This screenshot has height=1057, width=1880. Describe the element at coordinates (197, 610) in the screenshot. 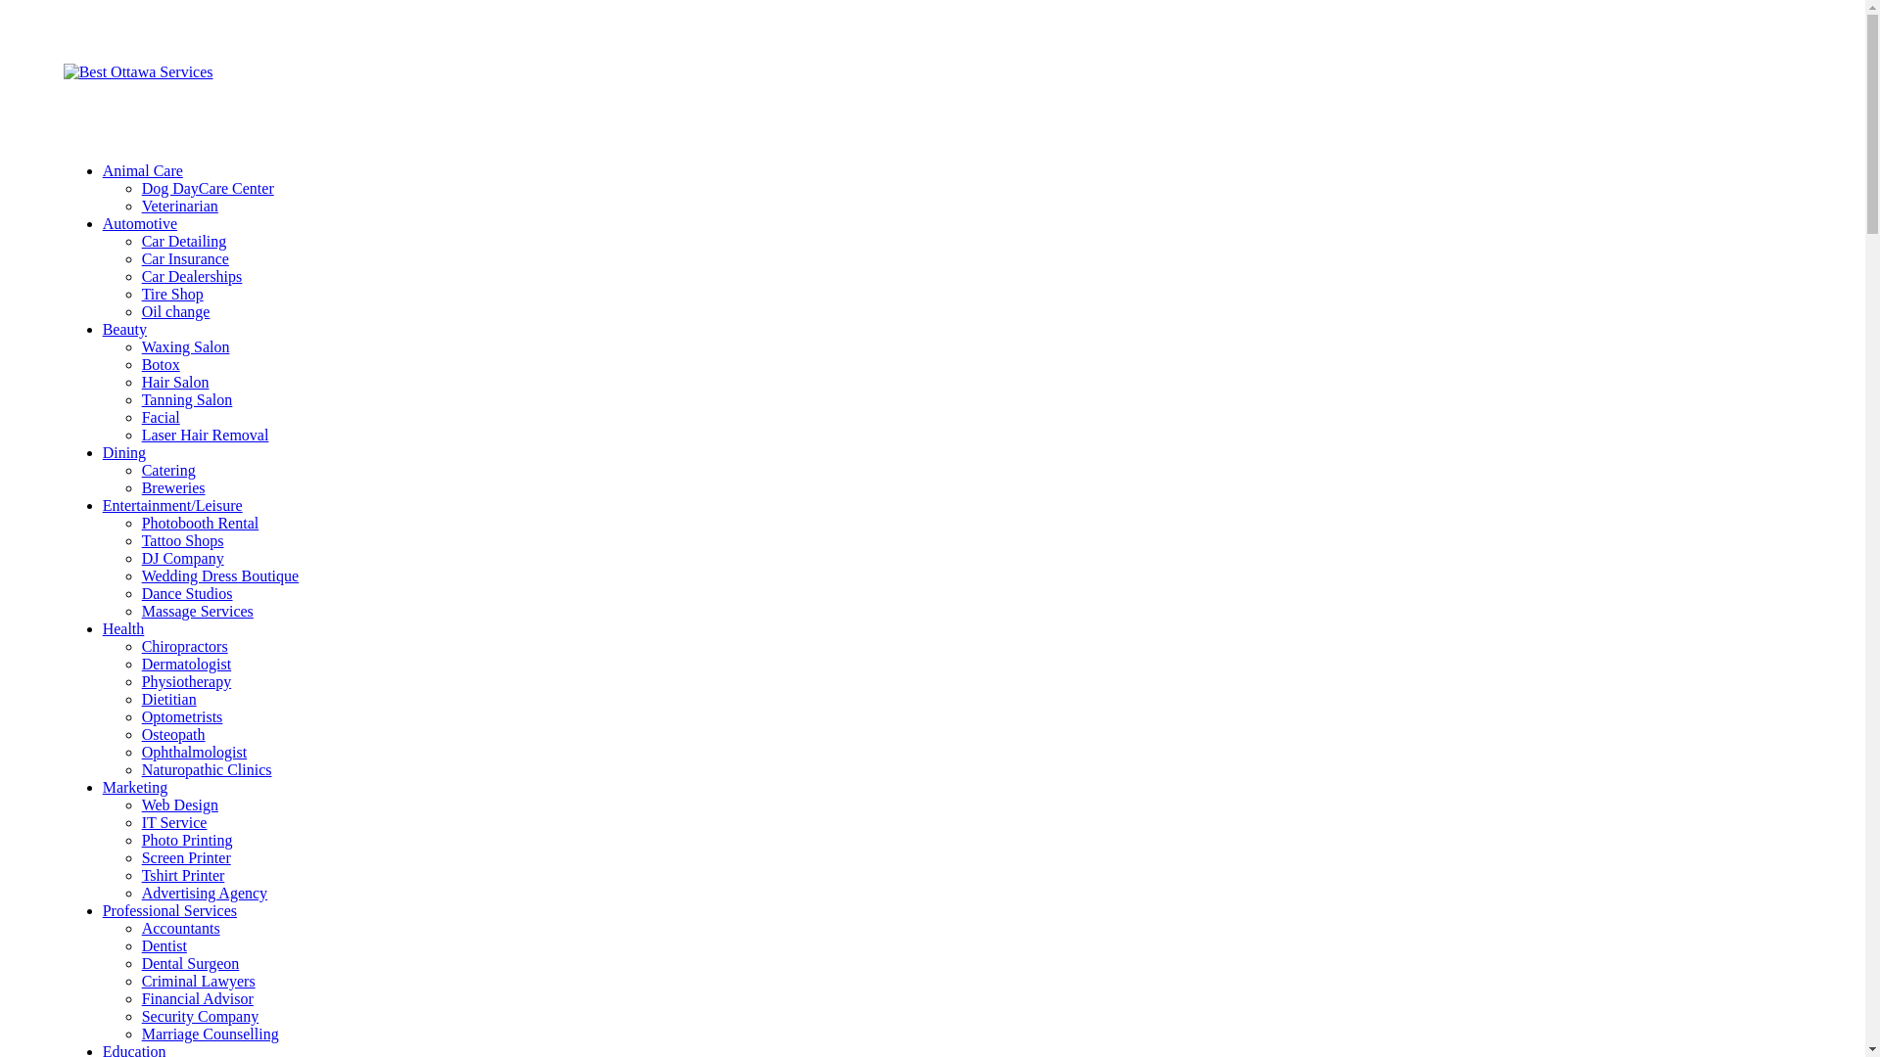

I see `'Massage Services'` at that location.